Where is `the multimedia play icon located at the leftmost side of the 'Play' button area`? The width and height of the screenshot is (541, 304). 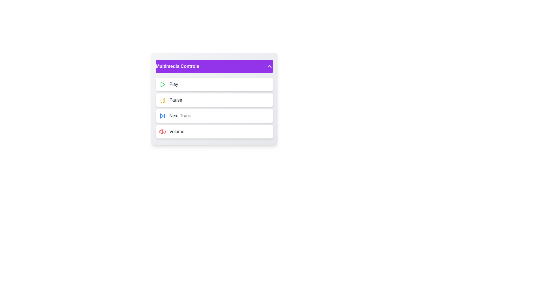
the multimedia play icon located at the leftmost side of the 'Play' button area is located at coordinates (162, 84).